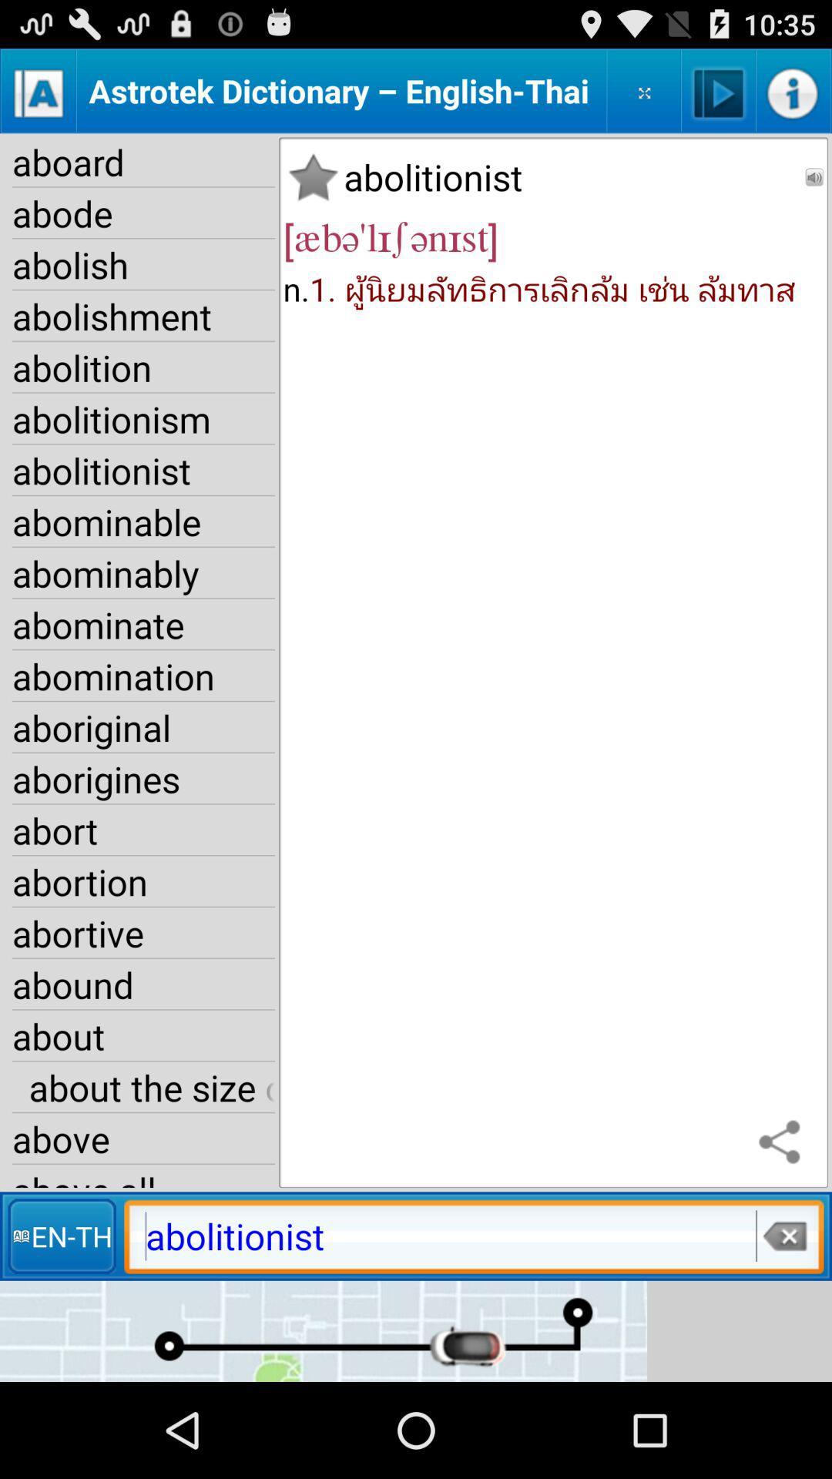  Describe the element at coordinates (143, 213) in the screenshot. I see `the abode item` at that location.